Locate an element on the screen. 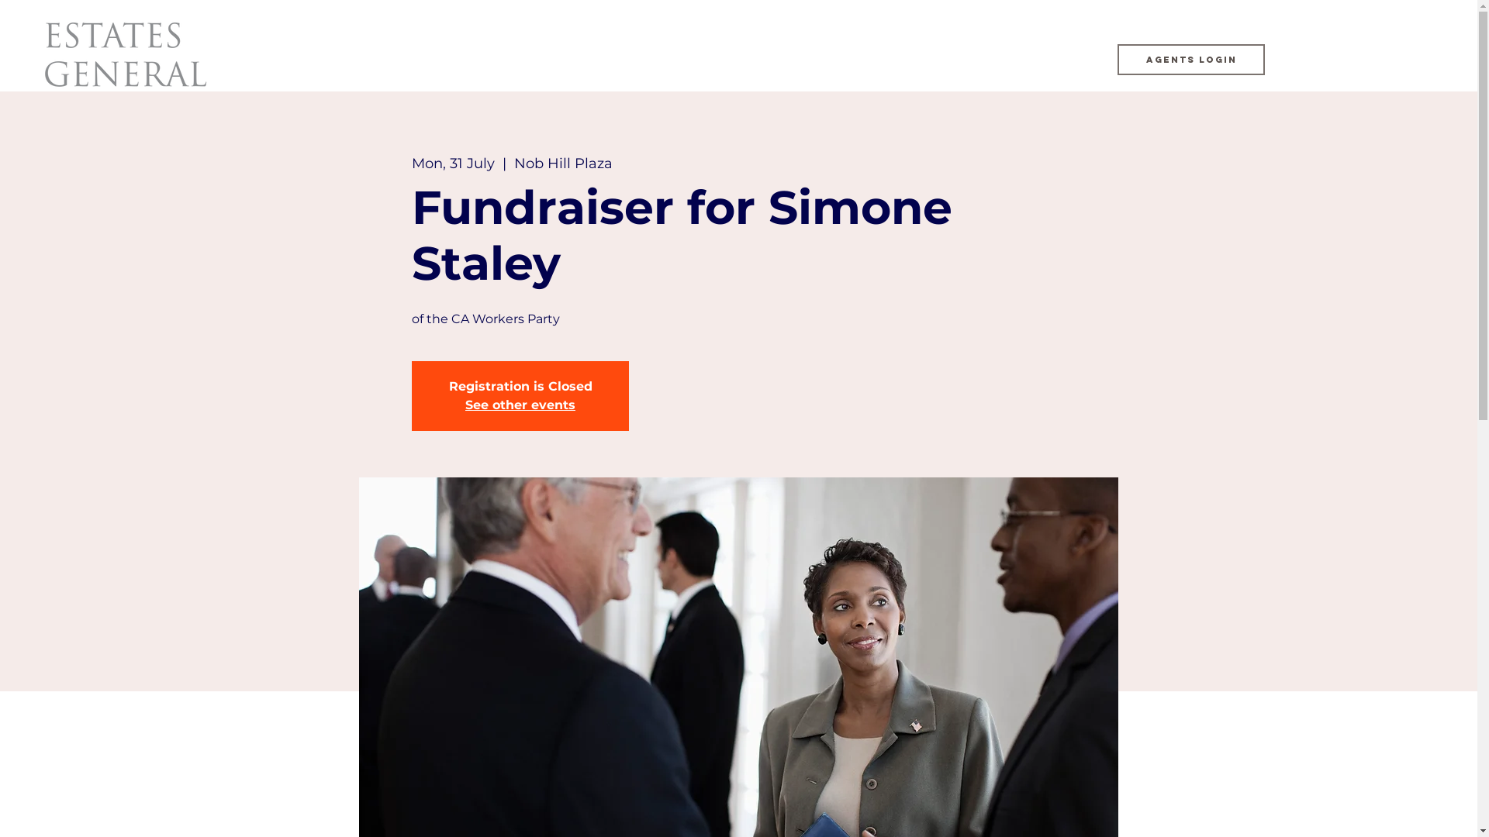  'See other events' is located at coordinates (520, 404).